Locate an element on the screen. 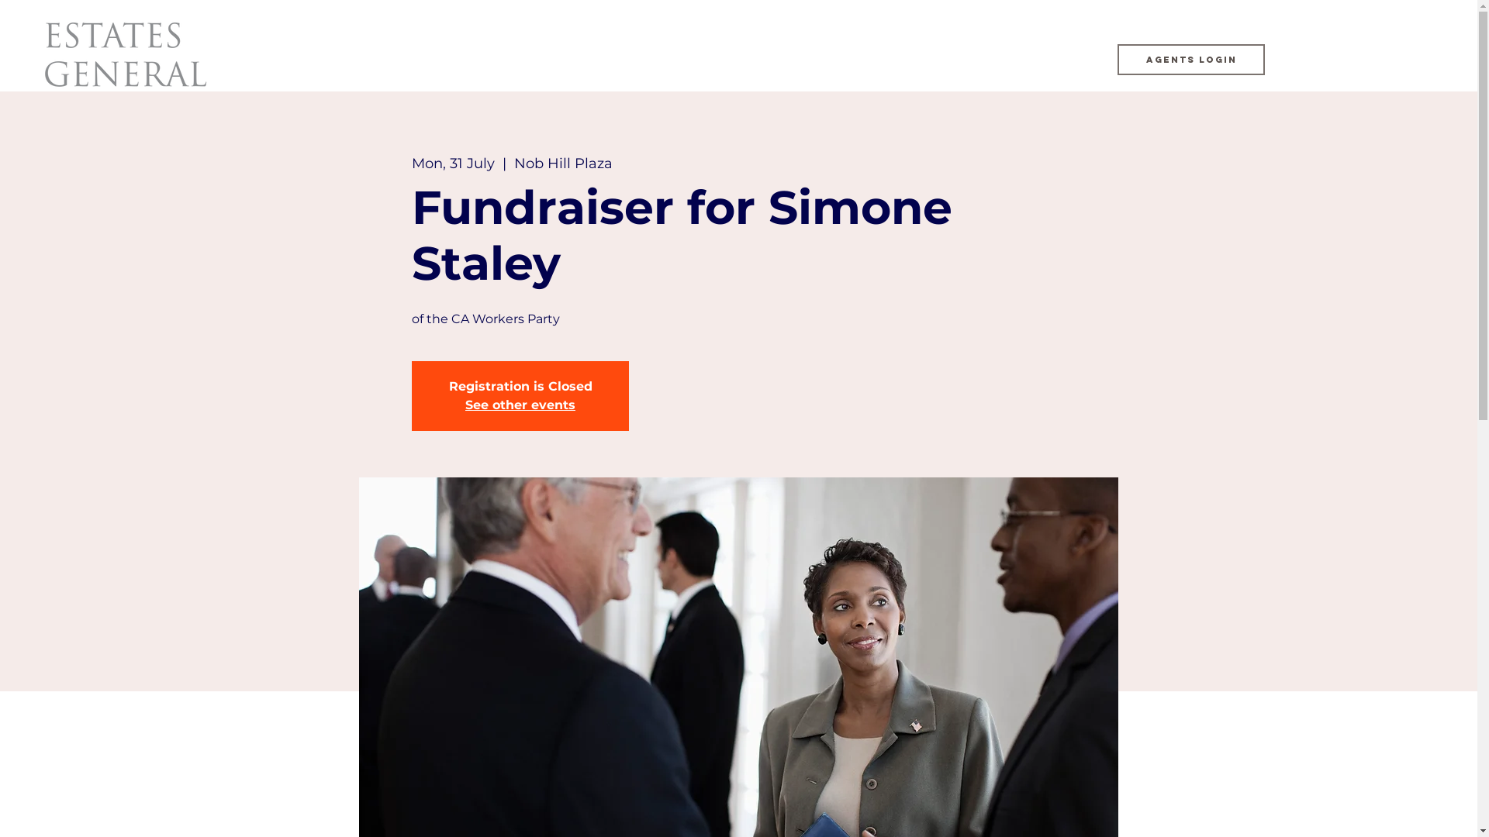  'See other events' is located at coordinates (520, 404).